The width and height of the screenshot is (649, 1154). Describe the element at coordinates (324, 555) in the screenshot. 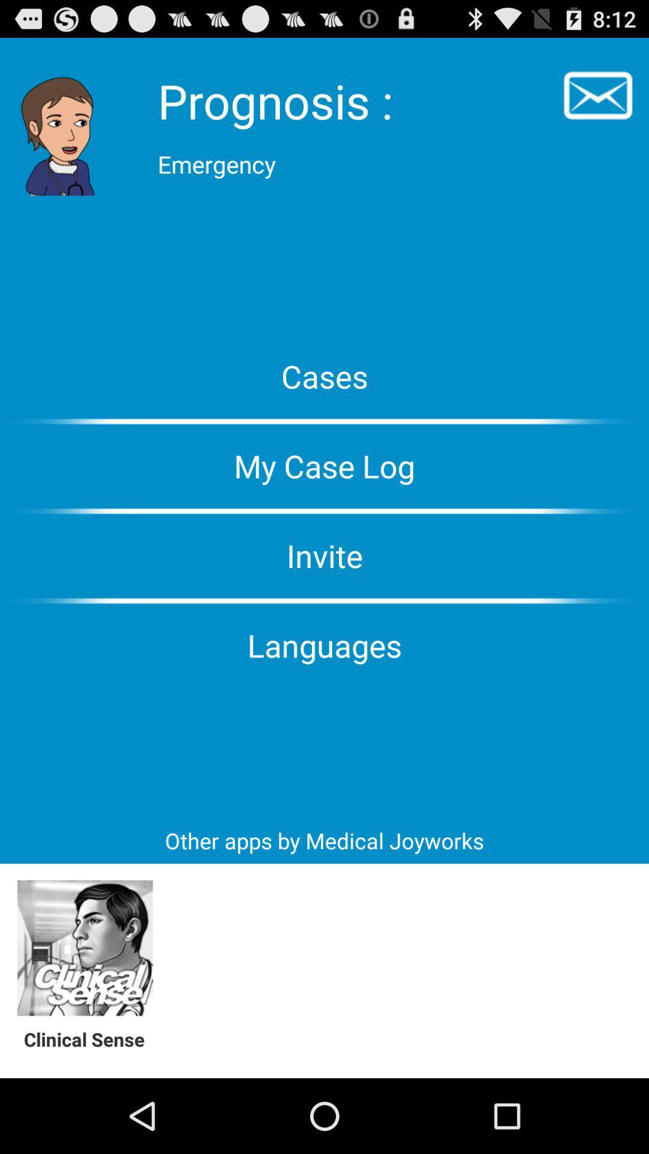

I see `the invite` at that location.